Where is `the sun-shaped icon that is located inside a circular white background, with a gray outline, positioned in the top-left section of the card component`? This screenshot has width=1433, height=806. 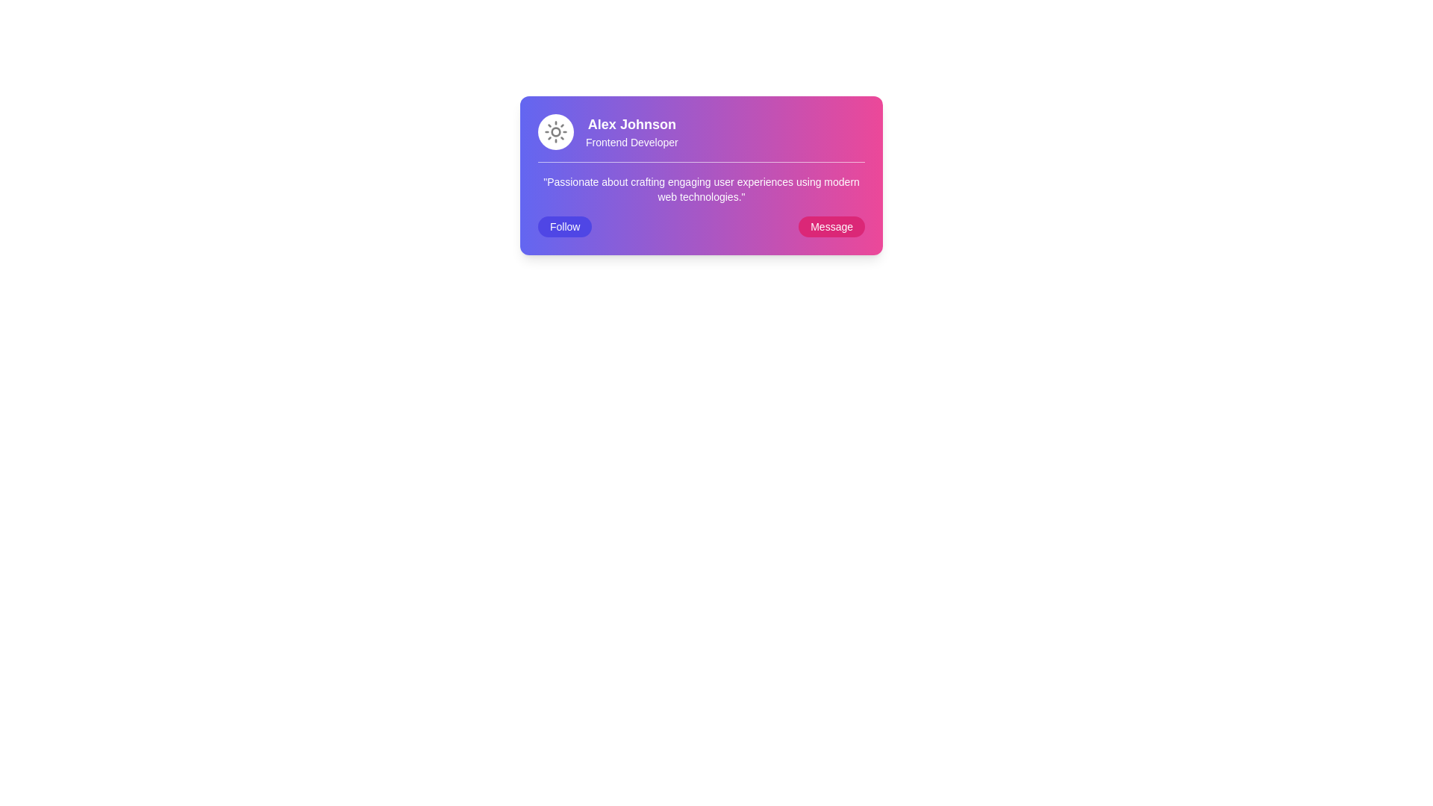 the sun-shaped icon that is located inside a circular white background, with a gray outline, positioned in the top-left section of the card component is located at coordinates (555, 131).